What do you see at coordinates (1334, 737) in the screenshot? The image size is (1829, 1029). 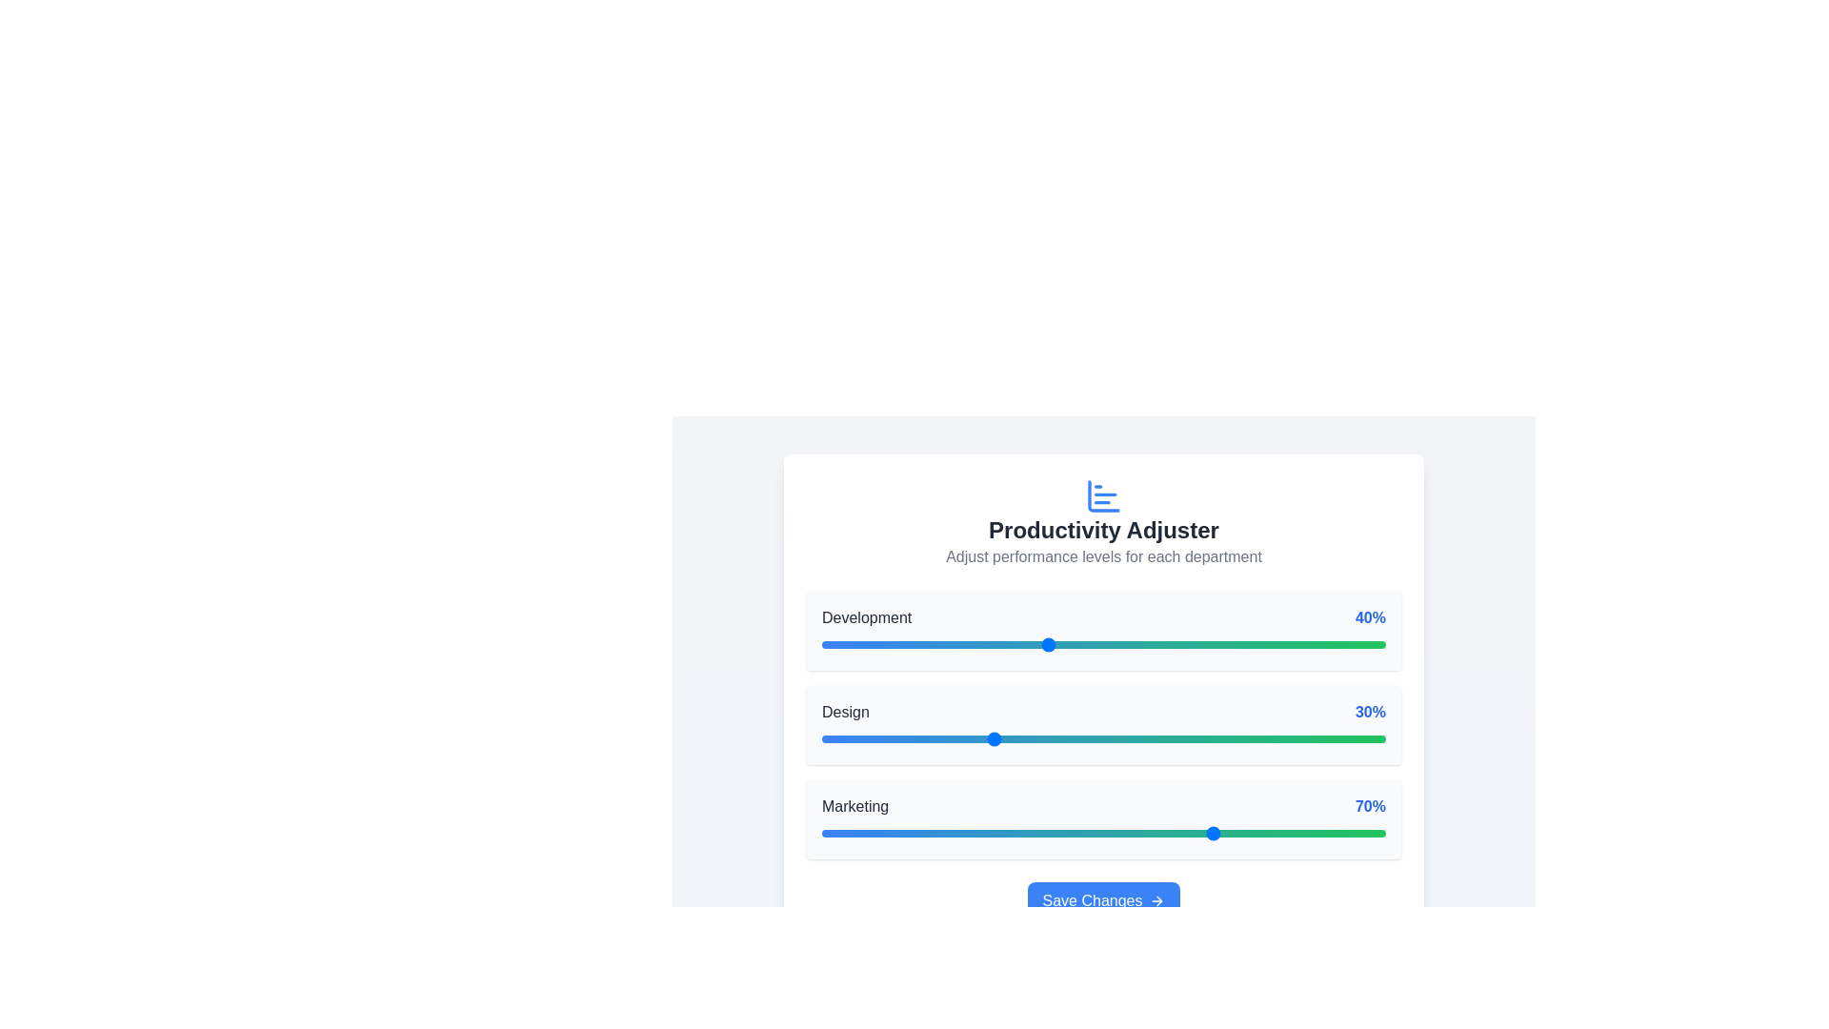 I see `the slider` at bounding box center [1334, 737].